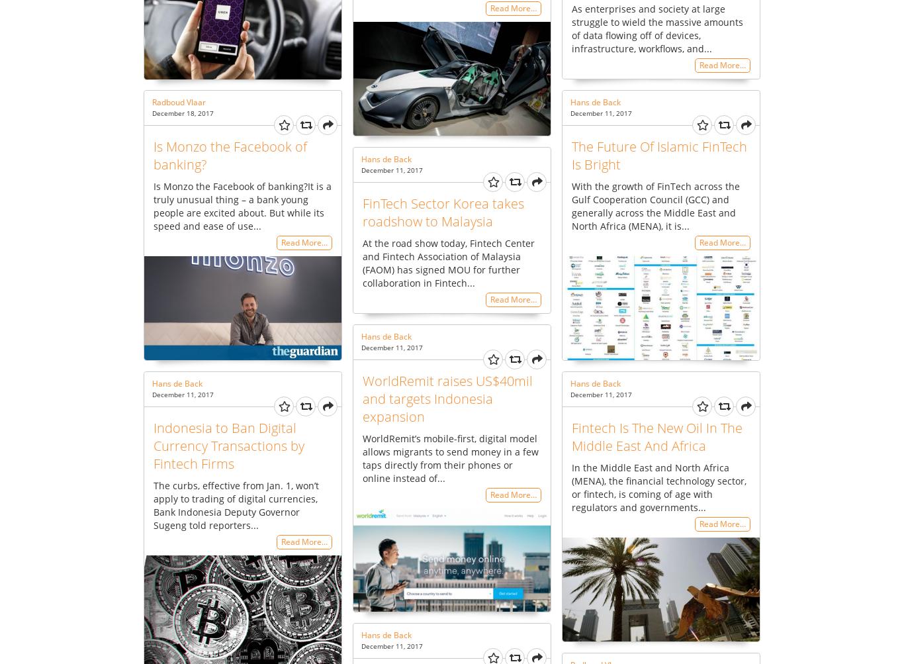 This screenshot has width=904, height=664. What do you see at coordinates (153, 504) in the screenshot?
I see `'The curbs, effective from Jan. 1, won’t apply to trading of digital currencies, Bank Indonesia Deputy Governor Sugeng told reporters...'` at bounding box center [153, 504].